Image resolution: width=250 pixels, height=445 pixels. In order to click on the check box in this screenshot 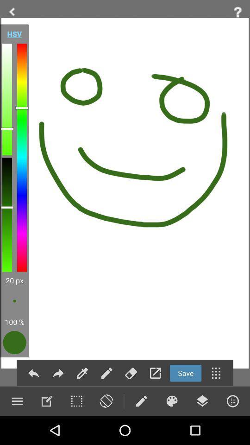, I will do `click(76, 400)`.